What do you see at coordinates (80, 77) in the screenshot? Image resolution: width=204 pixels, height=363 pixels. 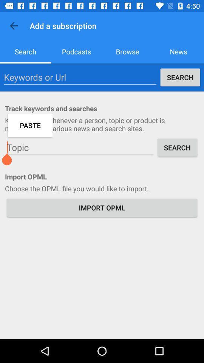 I see `the icon next to search` at bounding box center [80, 77].